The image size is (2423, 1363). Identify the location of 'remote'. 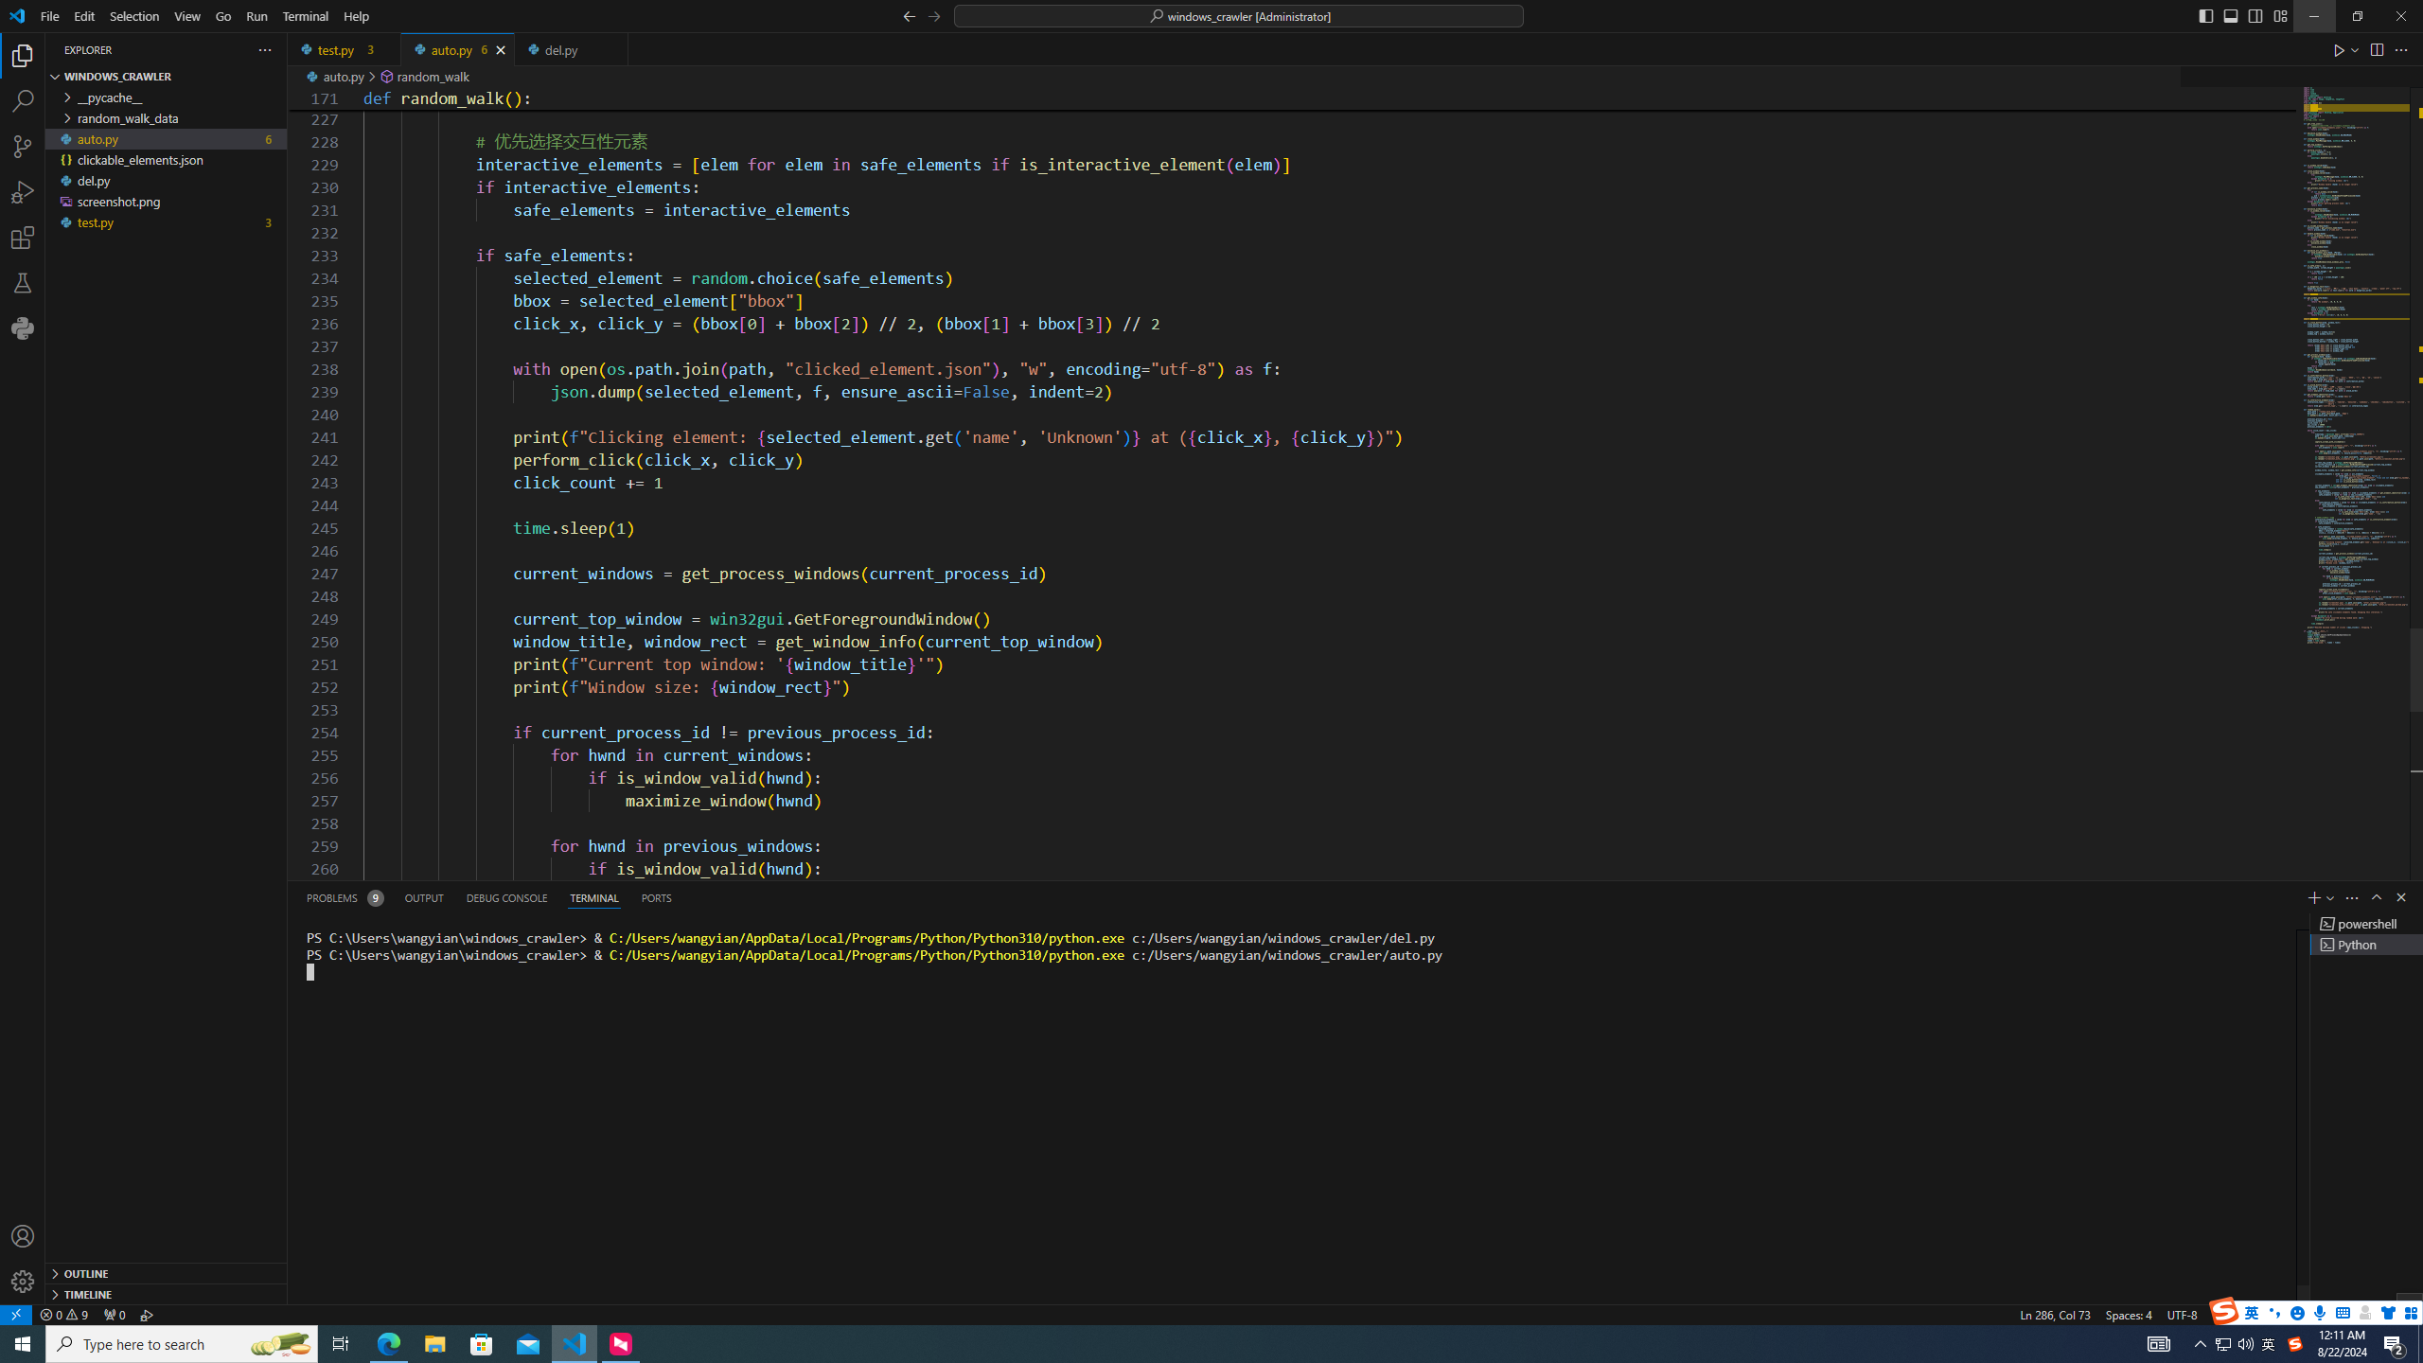
(15, 1313).